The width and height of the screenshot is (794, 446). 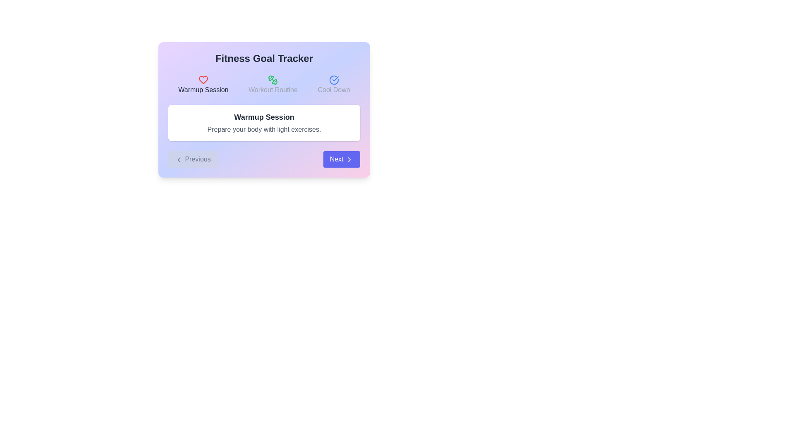 What do you see at coordinates (203, 90) in the screenshot?
I see `the text label that contains the content 'Warmup Session', which is styled with a medium-weight font and dark gray color, located beneath a heart-shaped icon` at bounding box center [203, 90].